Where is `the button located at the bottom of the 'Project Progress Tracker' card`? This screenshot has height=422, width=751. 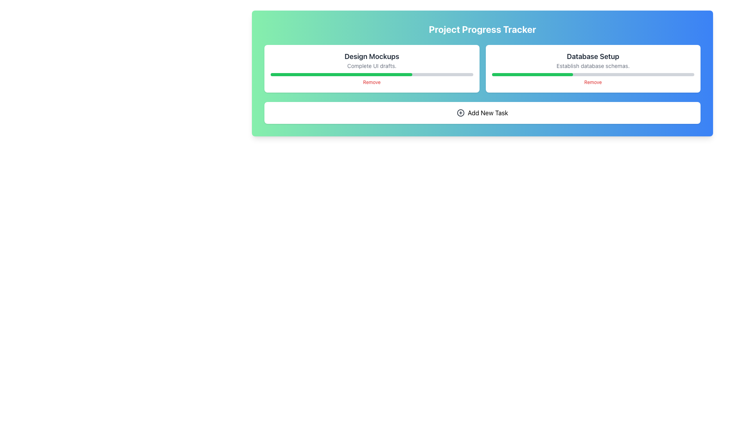 the button located at the bottom of the 'Project Progress Tracker' card is located at coordinates (482, 113).